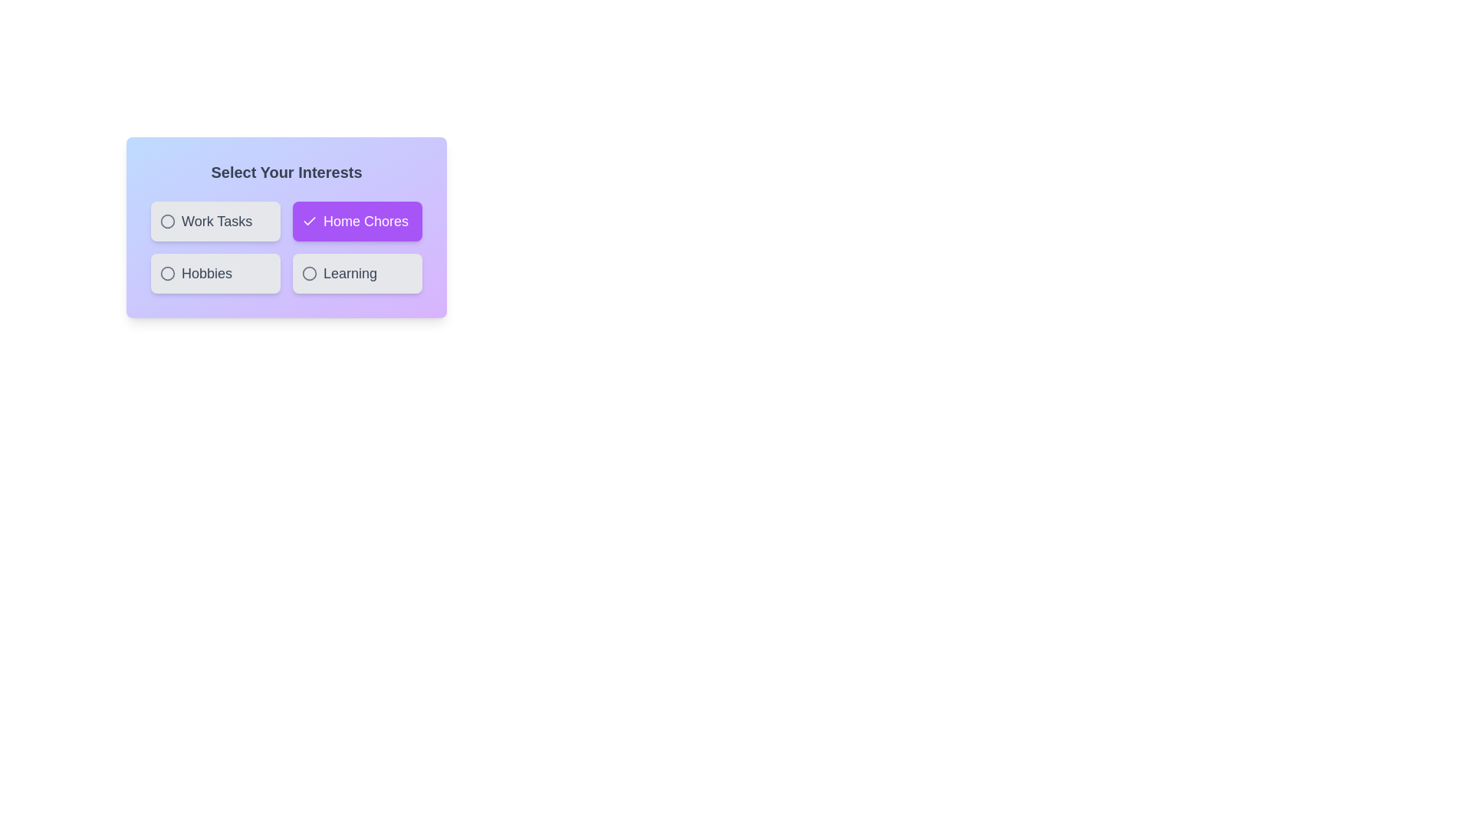  I want to click on the chip labeled Home Chores to select or deselect it, so click(356, 222).